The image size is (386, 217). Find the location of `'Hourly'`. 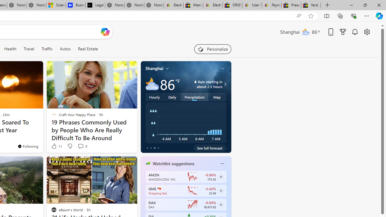

'Hourly' is located at coordinates (154, 96).